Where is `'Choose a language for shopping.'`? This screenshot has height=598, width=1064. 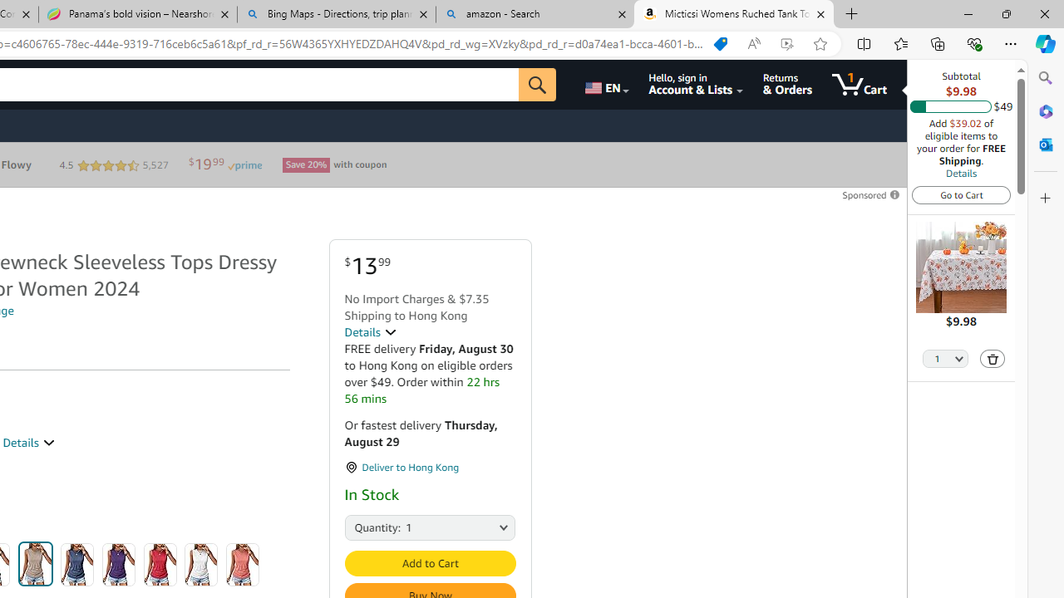 'Choose a language for shopping.' is located at coordinates (604, 84).